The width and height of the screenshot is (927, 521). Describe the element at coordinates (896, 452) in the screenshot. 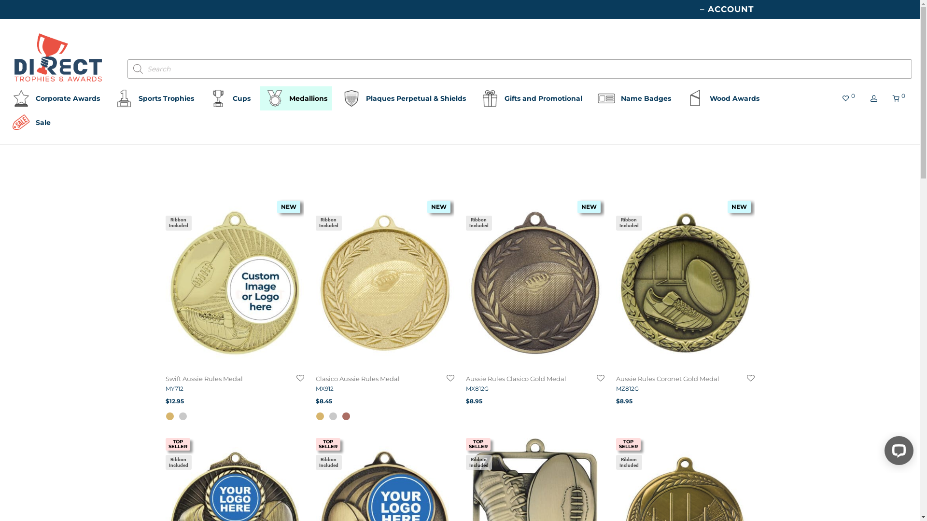

I see `'LiveChat chat widget'` at that location.